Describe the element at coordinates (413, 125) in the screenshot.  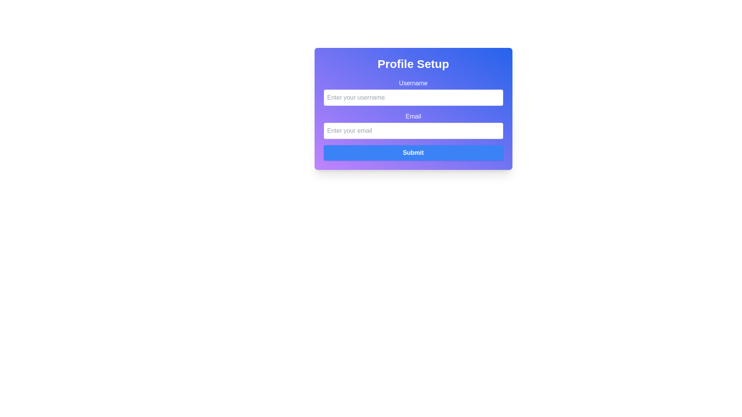
I see `the email input field, which is the second field in the form layout, to trigger a visual focus effect` at that location.